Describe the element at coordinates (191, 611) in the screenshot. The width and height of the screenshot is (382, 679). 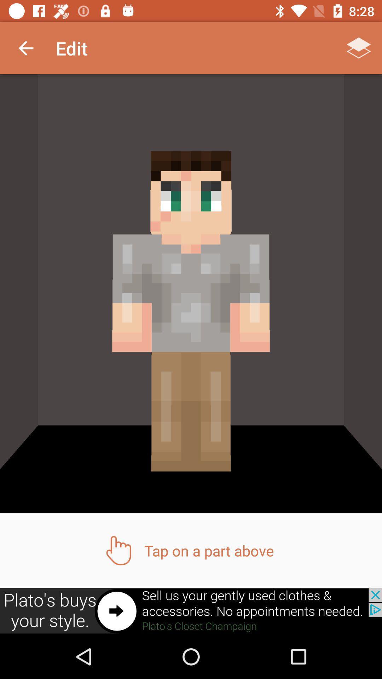
I see `advertisement` at that location.